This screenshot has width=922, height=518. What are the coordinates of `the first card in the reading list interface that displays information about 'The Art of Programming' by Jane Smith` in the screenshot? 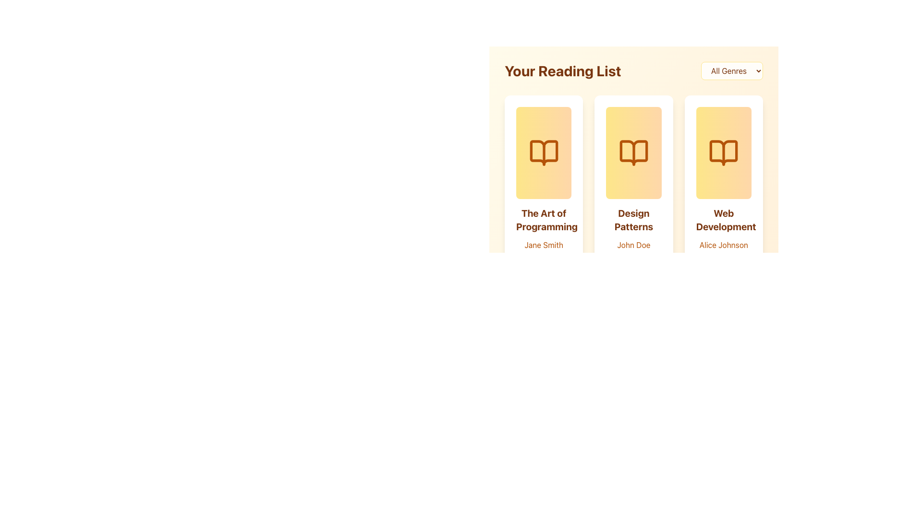 It's located at (544, 211).